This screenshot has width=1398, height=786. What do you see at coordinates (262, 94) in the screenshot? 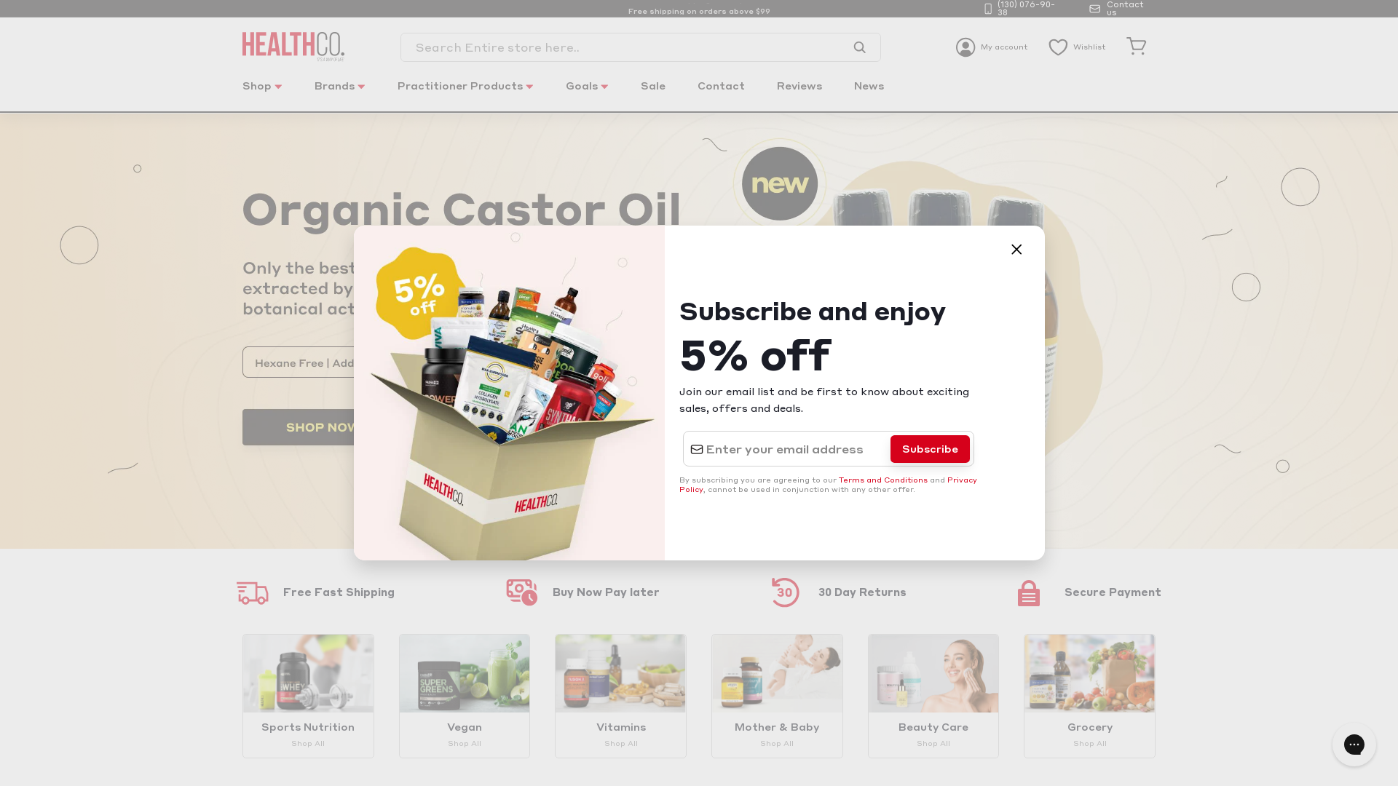
I see `'Shop'` at bounding box center [262, 94].